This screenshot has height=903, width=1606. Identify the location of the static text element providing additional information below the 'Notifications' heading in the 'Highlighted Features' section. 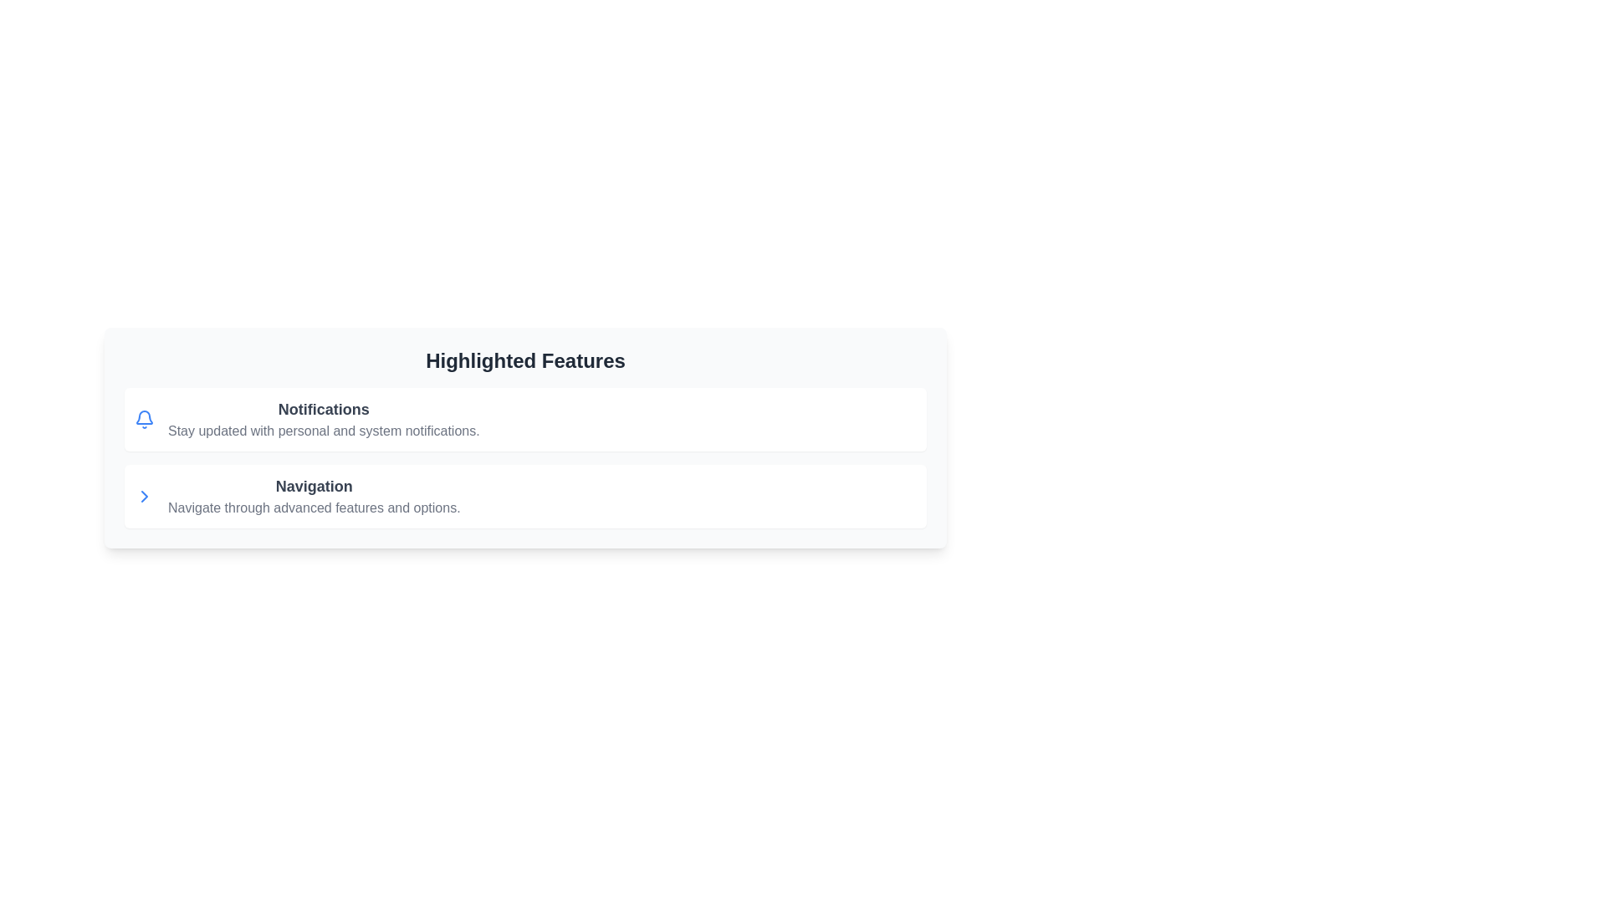
(324, 431).